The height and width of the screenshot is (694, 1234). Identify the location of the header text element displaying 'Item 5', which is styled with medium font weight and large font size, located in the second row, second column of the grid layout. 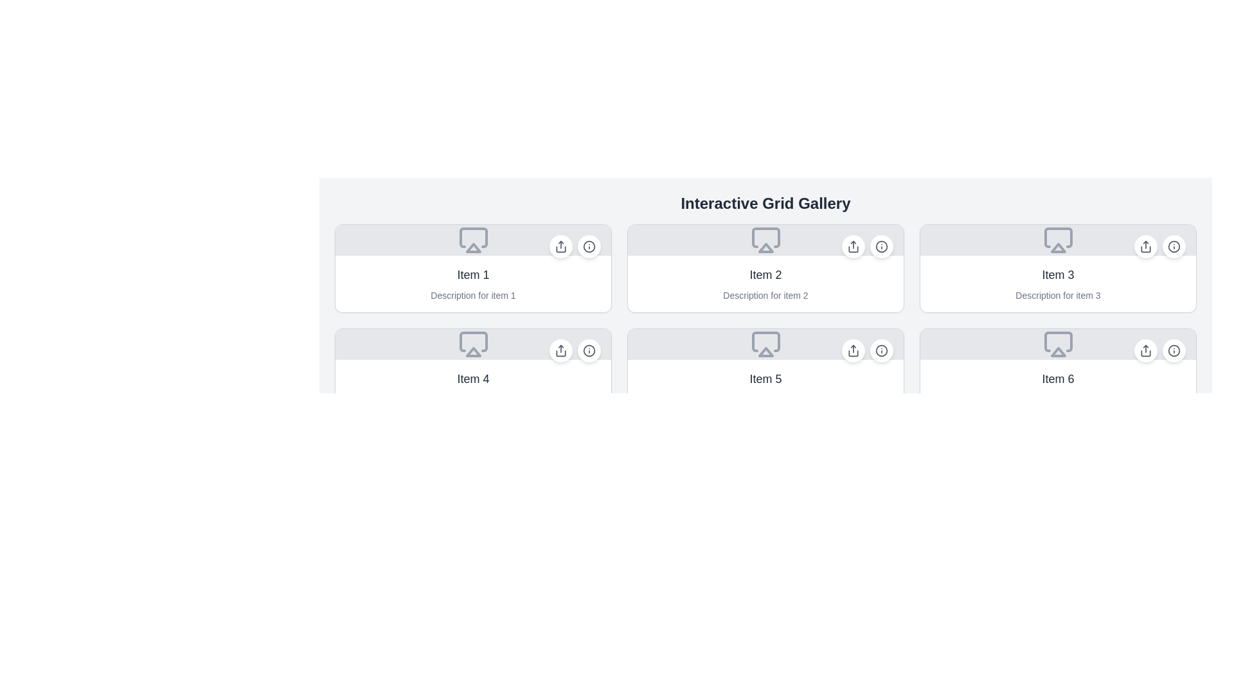
(765, 378).